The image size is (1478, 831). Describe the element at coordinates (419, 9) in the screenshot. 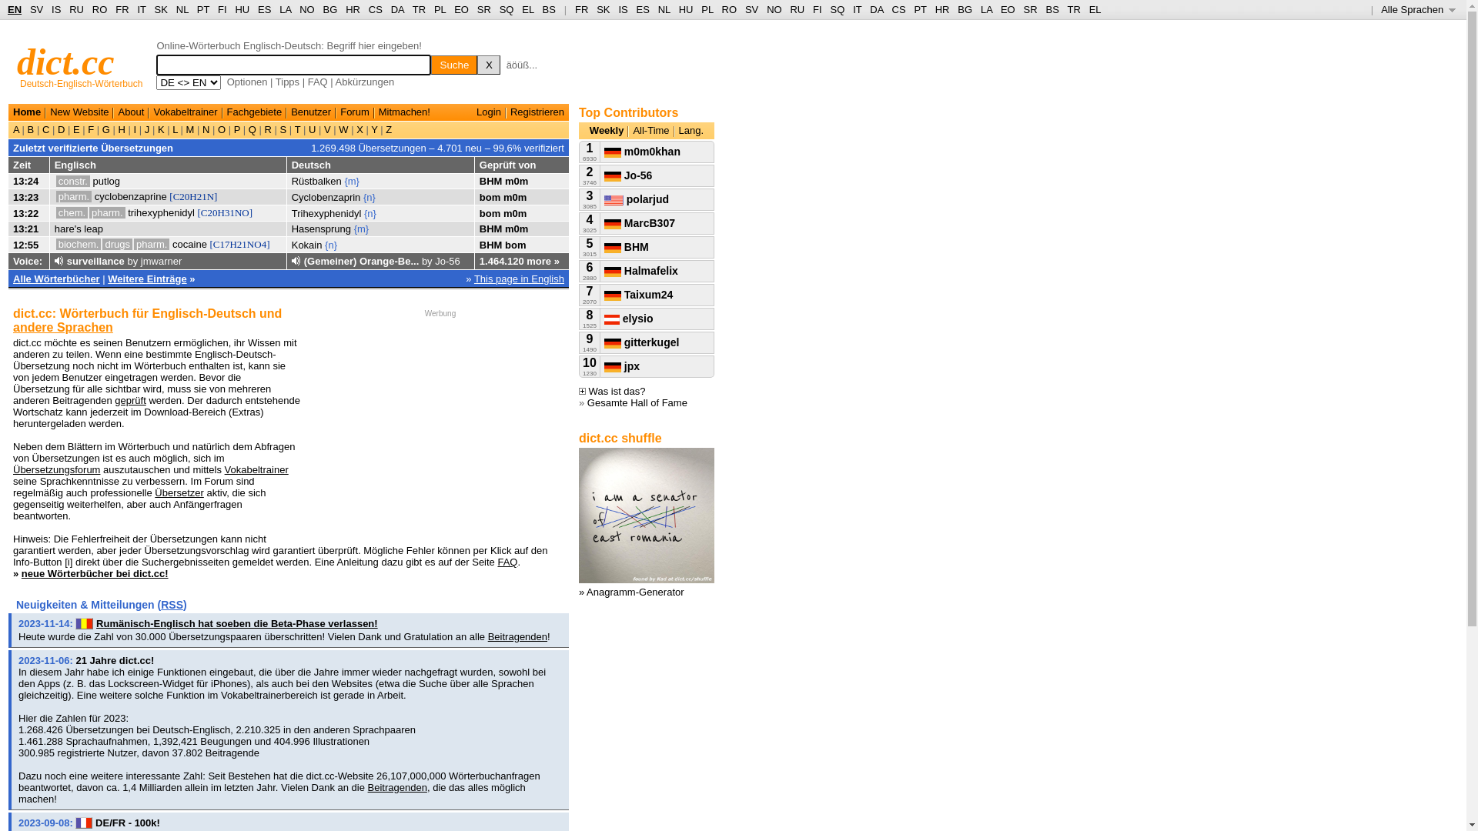

I see `'TR'` at that location.